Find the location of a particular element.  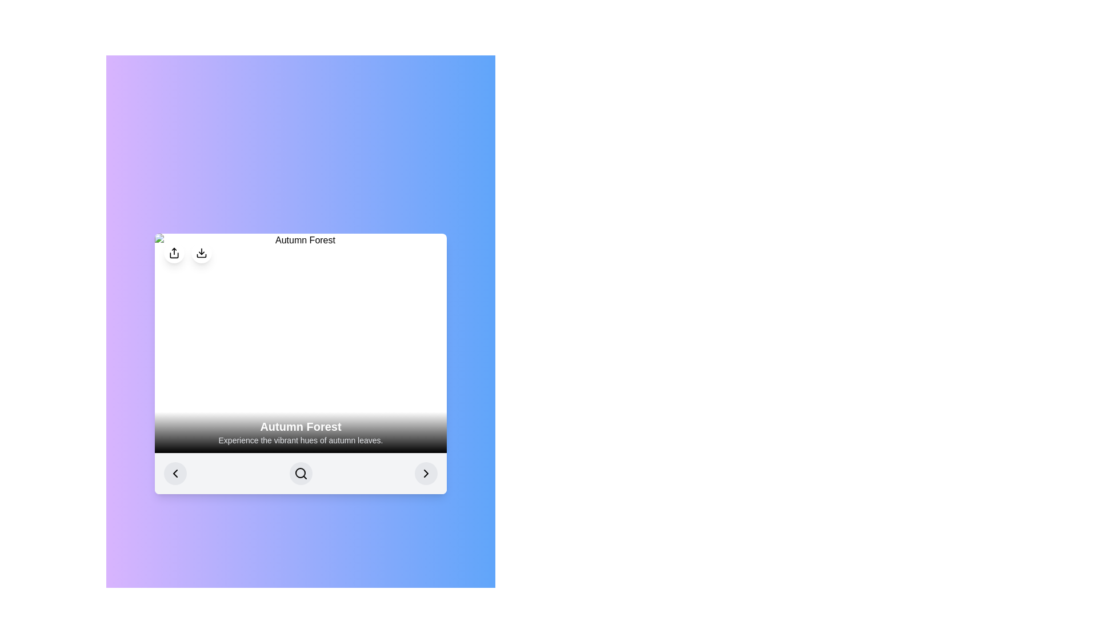

the search or zoom button located at the center of the toolbar in the card-like UI section for accessibility interactions is located at coordinates (301, 474).